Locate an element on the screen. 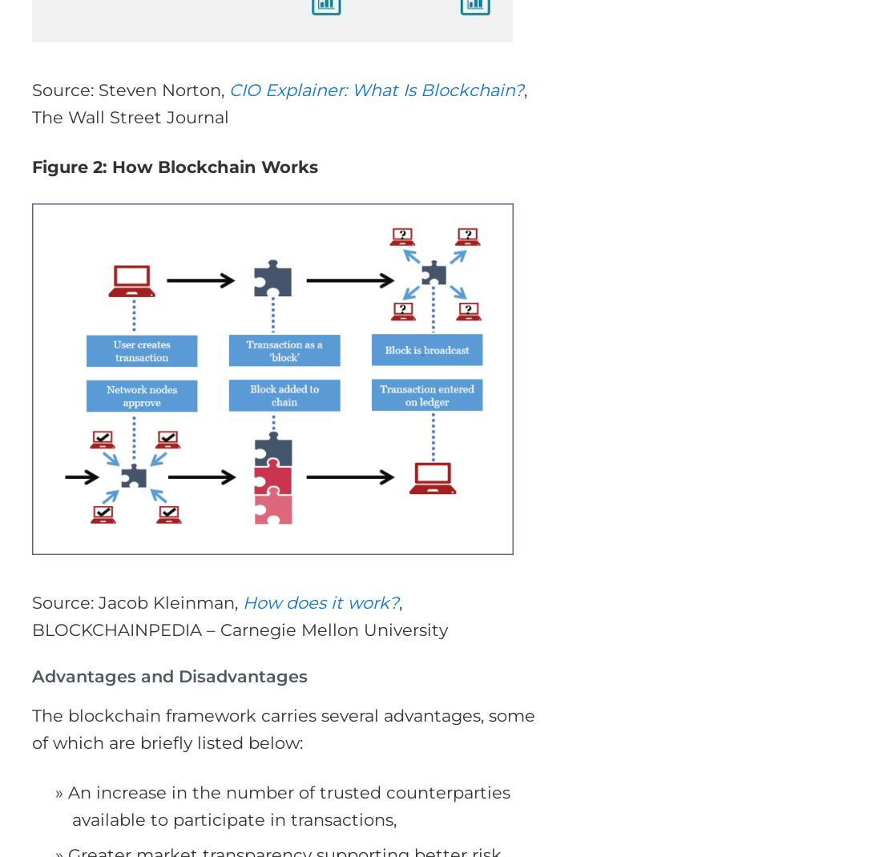  'Advantages and Disadvantages' is located at coordinates (170, 675).